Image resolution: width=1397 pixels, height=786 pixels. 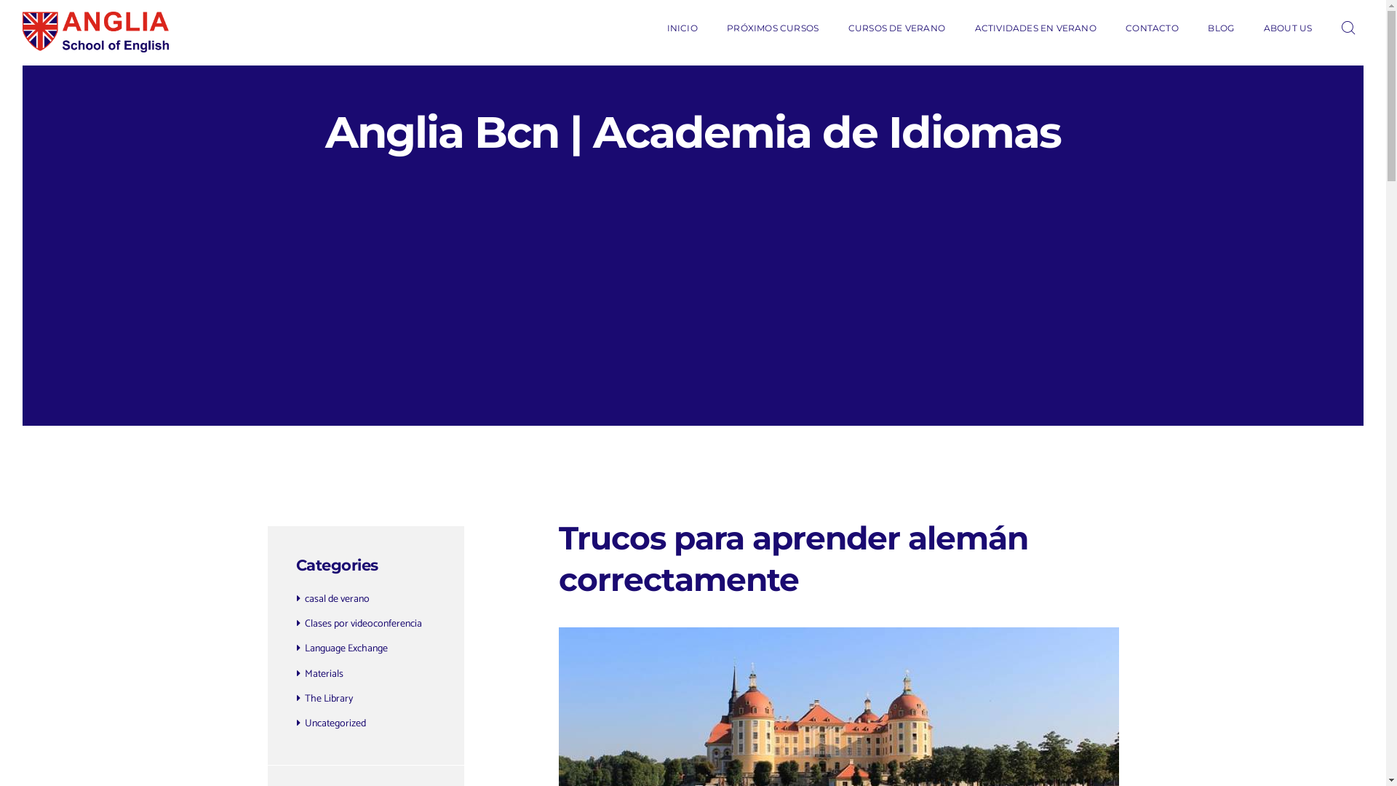 I want to click on 'The Library', so click(x=327, y=698).